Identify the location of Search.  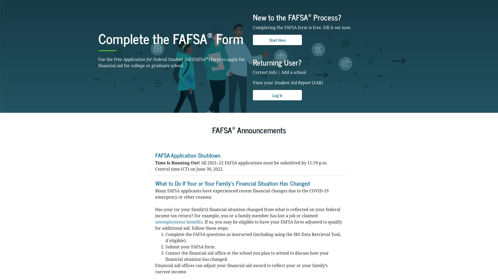
(326, 18).